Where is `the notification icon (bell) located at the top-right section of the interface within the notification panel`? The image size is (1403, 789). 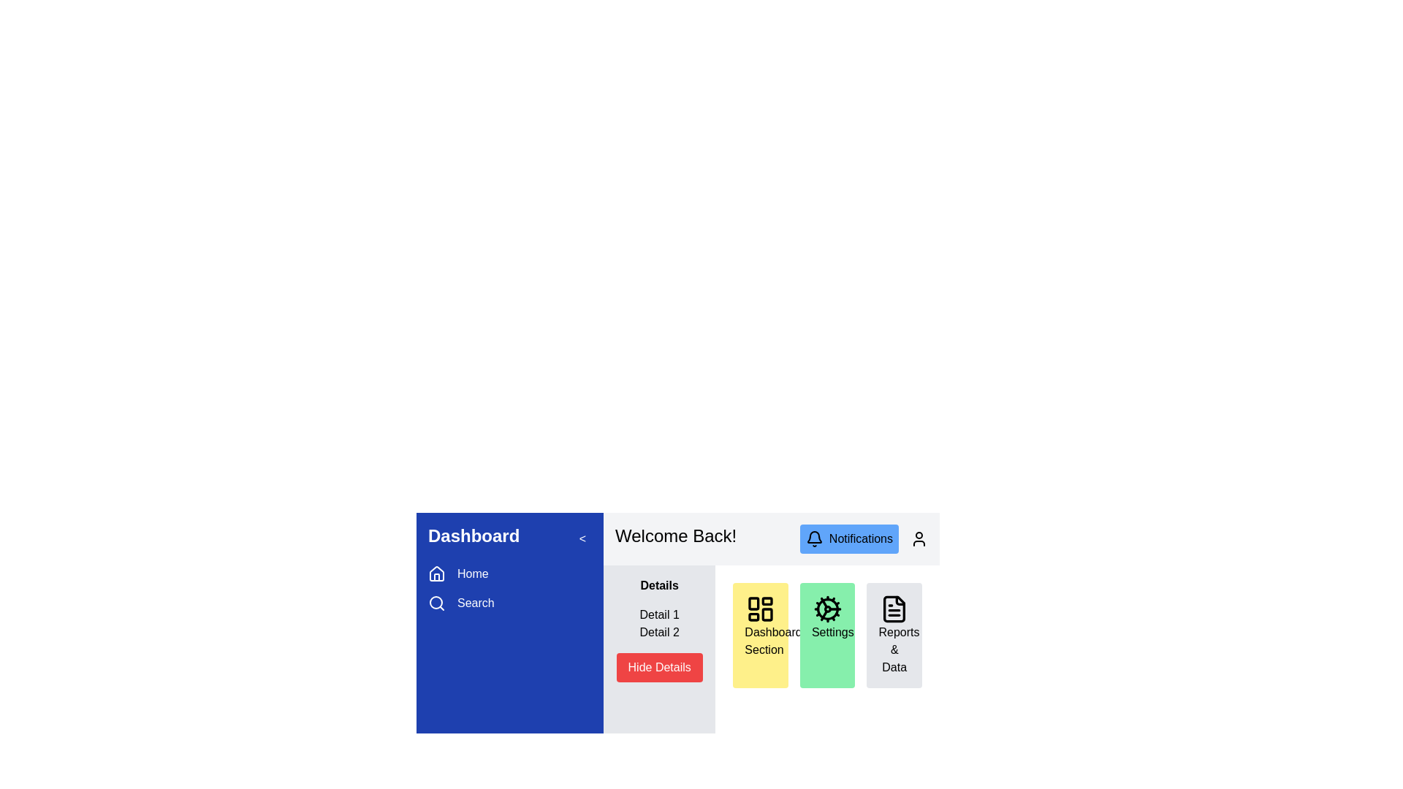 the notification icon (bell) located at the top-right section of the interface within the notification panel is located at coordinates (813, 537).